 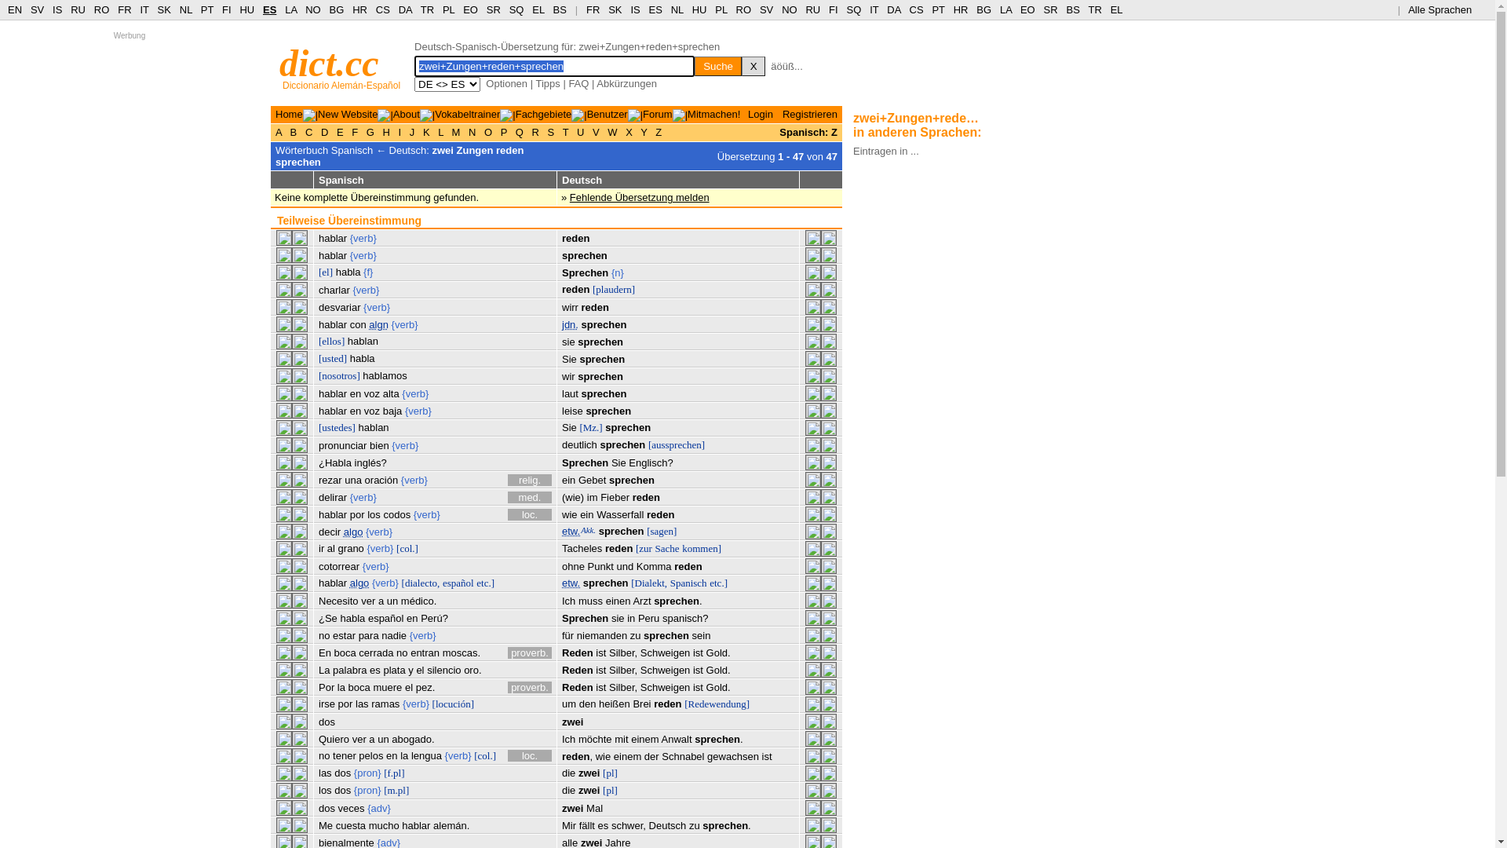 What do you see at coordinates (626, 755) in the screenshot?
I see `'einem'` at bounding box center [626, 755].